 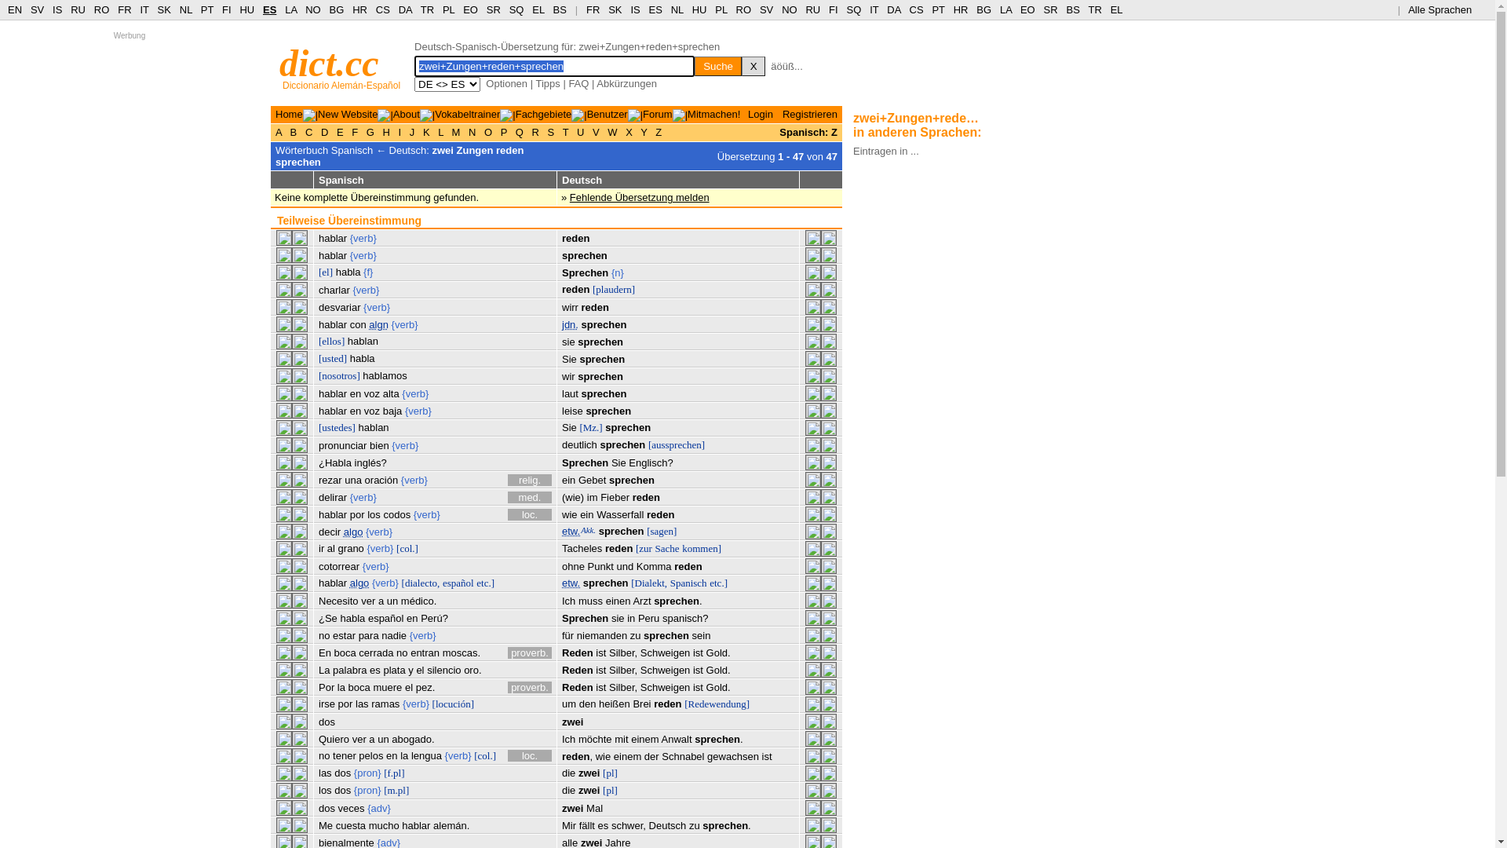 What do you see at coordinates (626, 755) in the screenshot?
I see `'einem'` at bounding box center [626, 755].